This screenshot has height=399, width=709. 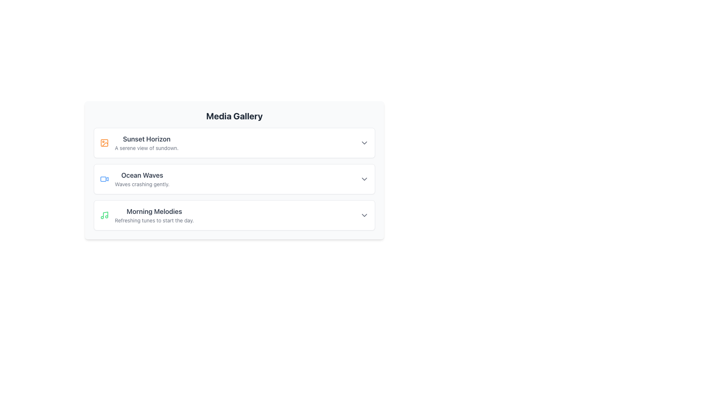 What do you see at coordinates (142, 179) in the screenshot?
I see `the Text block titled 'Ocean Waves' which has a subtitle 'Waves crashing gently'` at bounding box center [142, 179].